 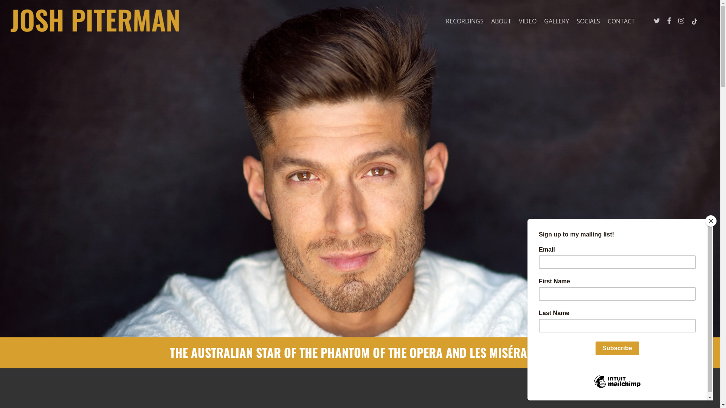 What do you see at coordinates (573, 21) in the screenshot?
I see `'SOCIALS'` at bounding box center [573, 21].